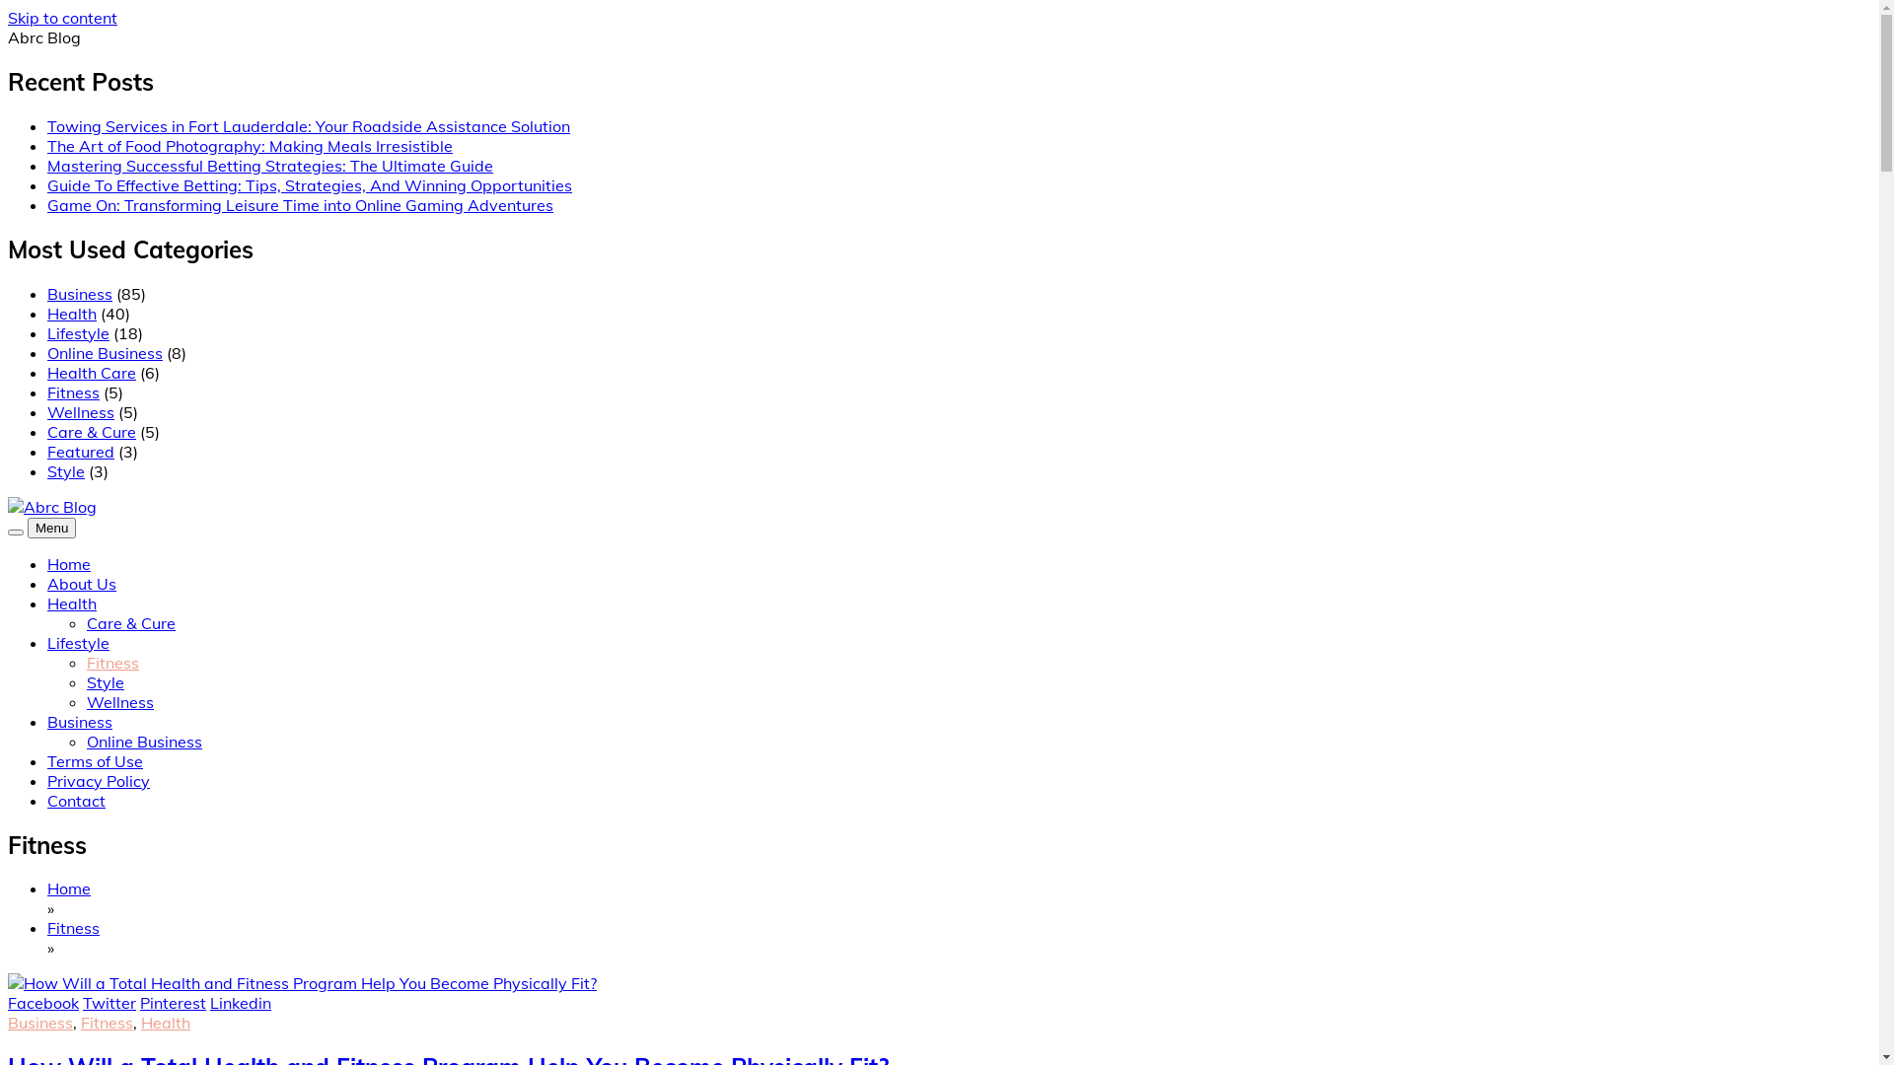  What do you see at coordinates (8, 551) in the screenshot?
I see `'Abrc Blog'` at bounding box center [8, 551].